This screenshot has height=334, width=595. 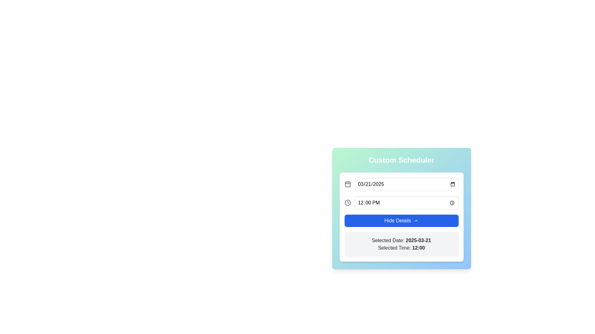 What do you see at coordinates (348, 203) in the screenshot?
I see `the clock icon, which serves as a visual indicator for the adjacent time input field, positioned at the leftmost side of its group` at bounding box center [348, 203].